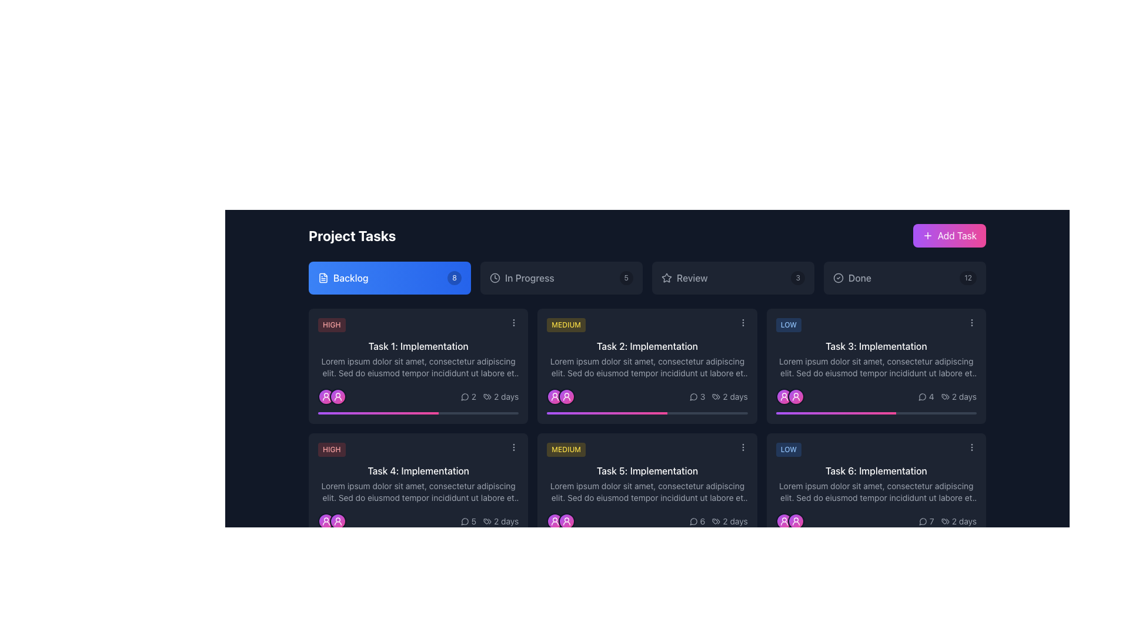  Describe the element at coordinates (555, 397) in the screenshot. I see `the leftmost avatar or profile icon located below the 'Task 2: Implementation' card` at that location.